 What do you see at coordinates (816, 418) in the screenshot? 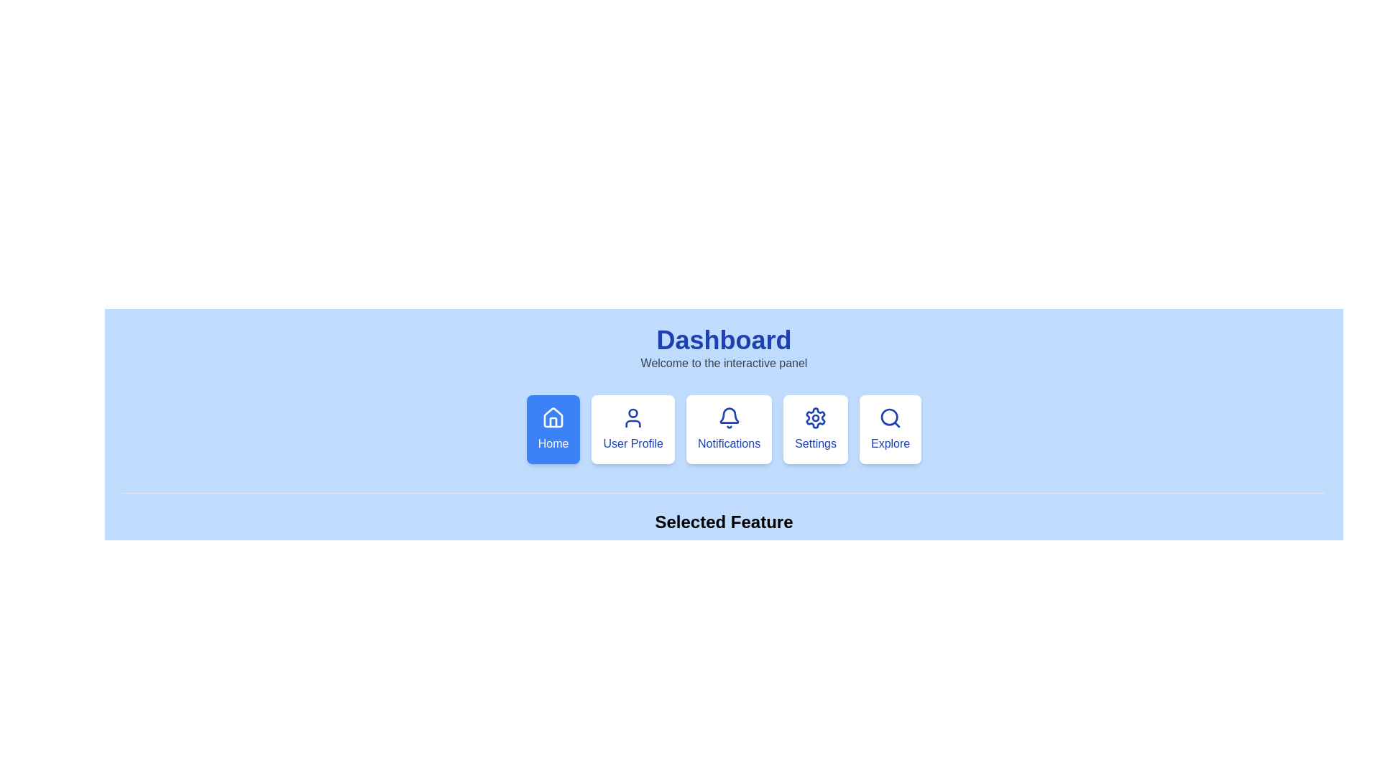
I see `the gear-shaped settings icon located in the fourth box from the left in the second row of the interface, which is positioned among the navigation options below the 'Dashboard' heading` at bounding box center [816, 418].